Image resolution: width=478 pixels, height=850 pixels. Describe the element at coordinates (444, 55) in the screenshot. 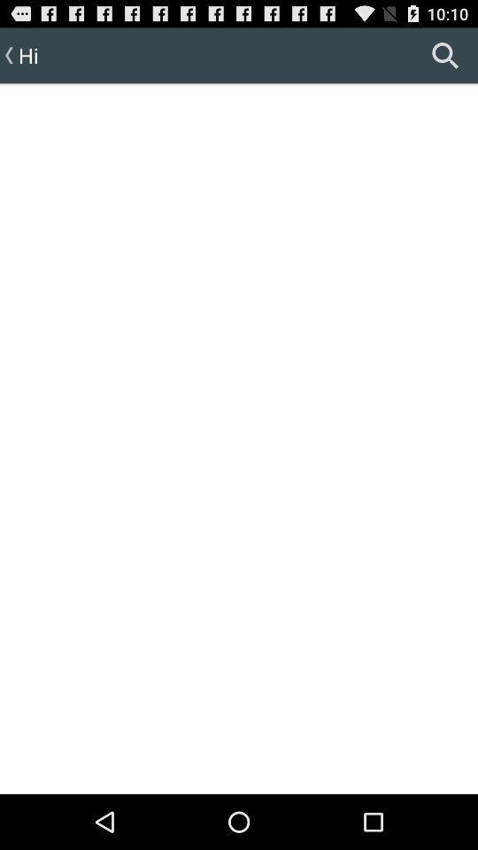

I see `the app next to hi app` at that location.